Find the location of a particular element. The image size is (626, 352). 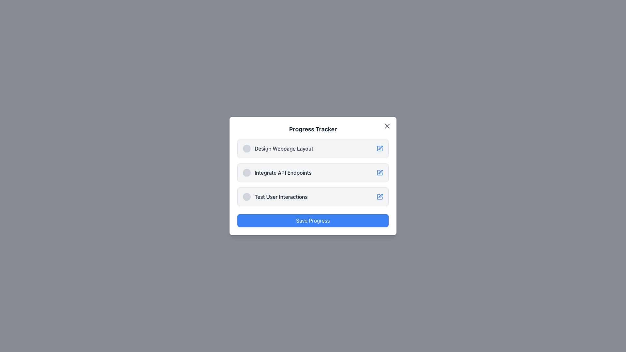

the Circle Indicator, which is a small circular icon with a gray background located at the start of the row labeled 'Integrate API Endpoints' in the 'Progress Tracker' dialog box is located at coordinates (246, 172).